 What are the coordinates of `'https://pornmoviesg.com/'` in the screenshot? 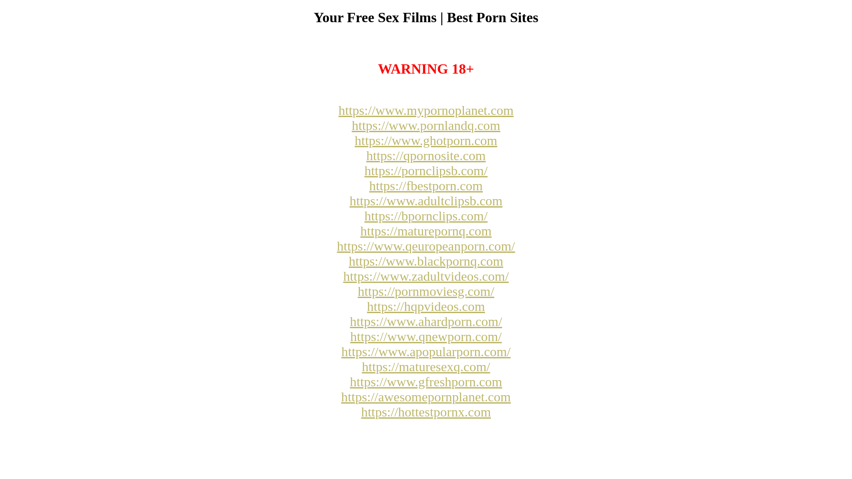 It's located at (426, 291).